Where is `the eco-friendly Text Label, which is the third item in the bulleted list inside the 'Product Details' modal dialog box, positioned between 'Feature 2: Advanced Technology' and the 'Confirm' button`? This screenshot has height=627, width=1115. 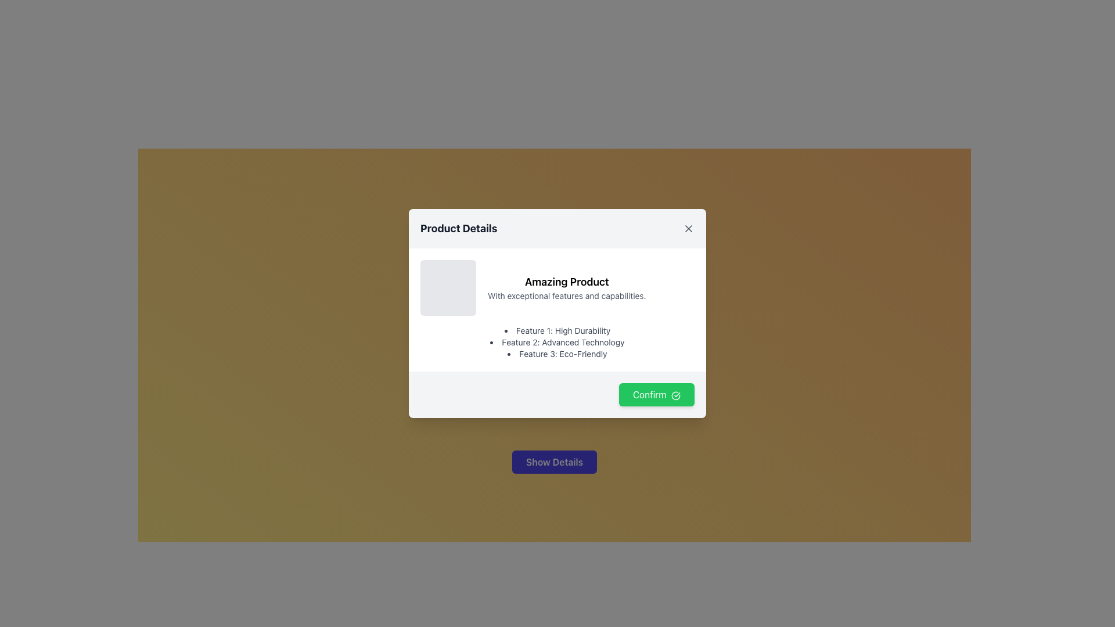
the eco-friendly Text Label, which is the third item in the bulleted list inside the 'Product Details' modal dialog box, positioned between 'Feature 2: Advanced Technology' and the 'Confirm' button is located at coordinates (557, 353).